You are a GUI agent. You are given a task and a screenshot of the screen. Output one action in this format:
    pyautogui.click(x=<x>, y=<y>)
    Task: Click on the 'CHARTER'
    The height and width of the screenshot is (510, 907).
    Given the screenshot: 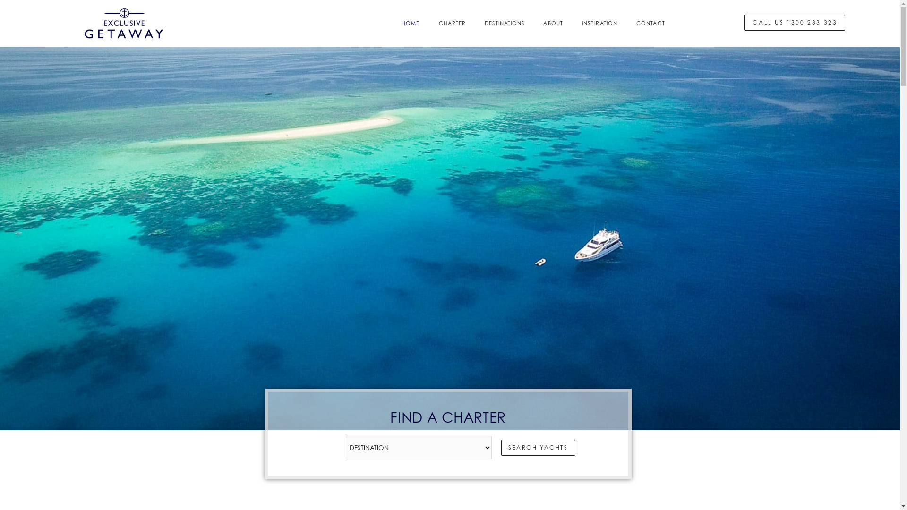 What is the action you would take?
    pyautogui.click(x=452, y=39)
    